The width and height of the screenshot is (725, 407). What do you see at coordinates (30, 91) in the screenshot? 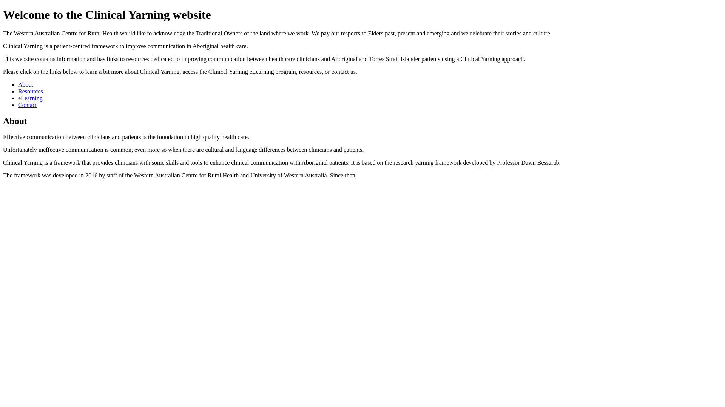
I see `'Resources'` at bounding box center [30, 91].